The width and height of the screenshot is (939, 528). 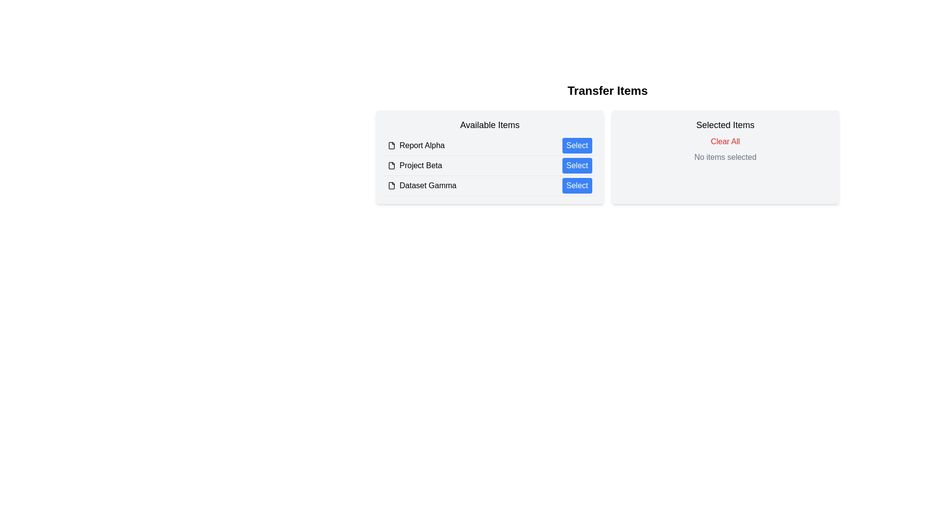 I want to click on the small document or file icon located directly to the left of the text 'Report Alpha' in the 'Available Items' section, so click(x=392, y=145).